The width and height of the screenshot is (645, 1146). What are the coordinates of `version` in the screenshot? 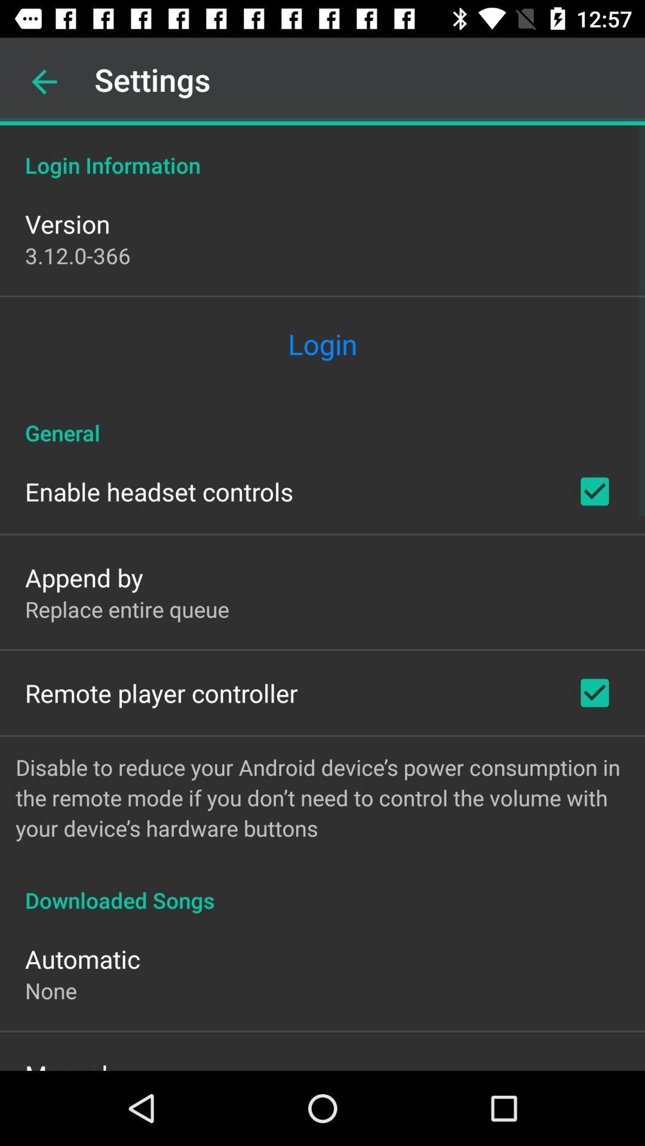 It's located at (67, 223).